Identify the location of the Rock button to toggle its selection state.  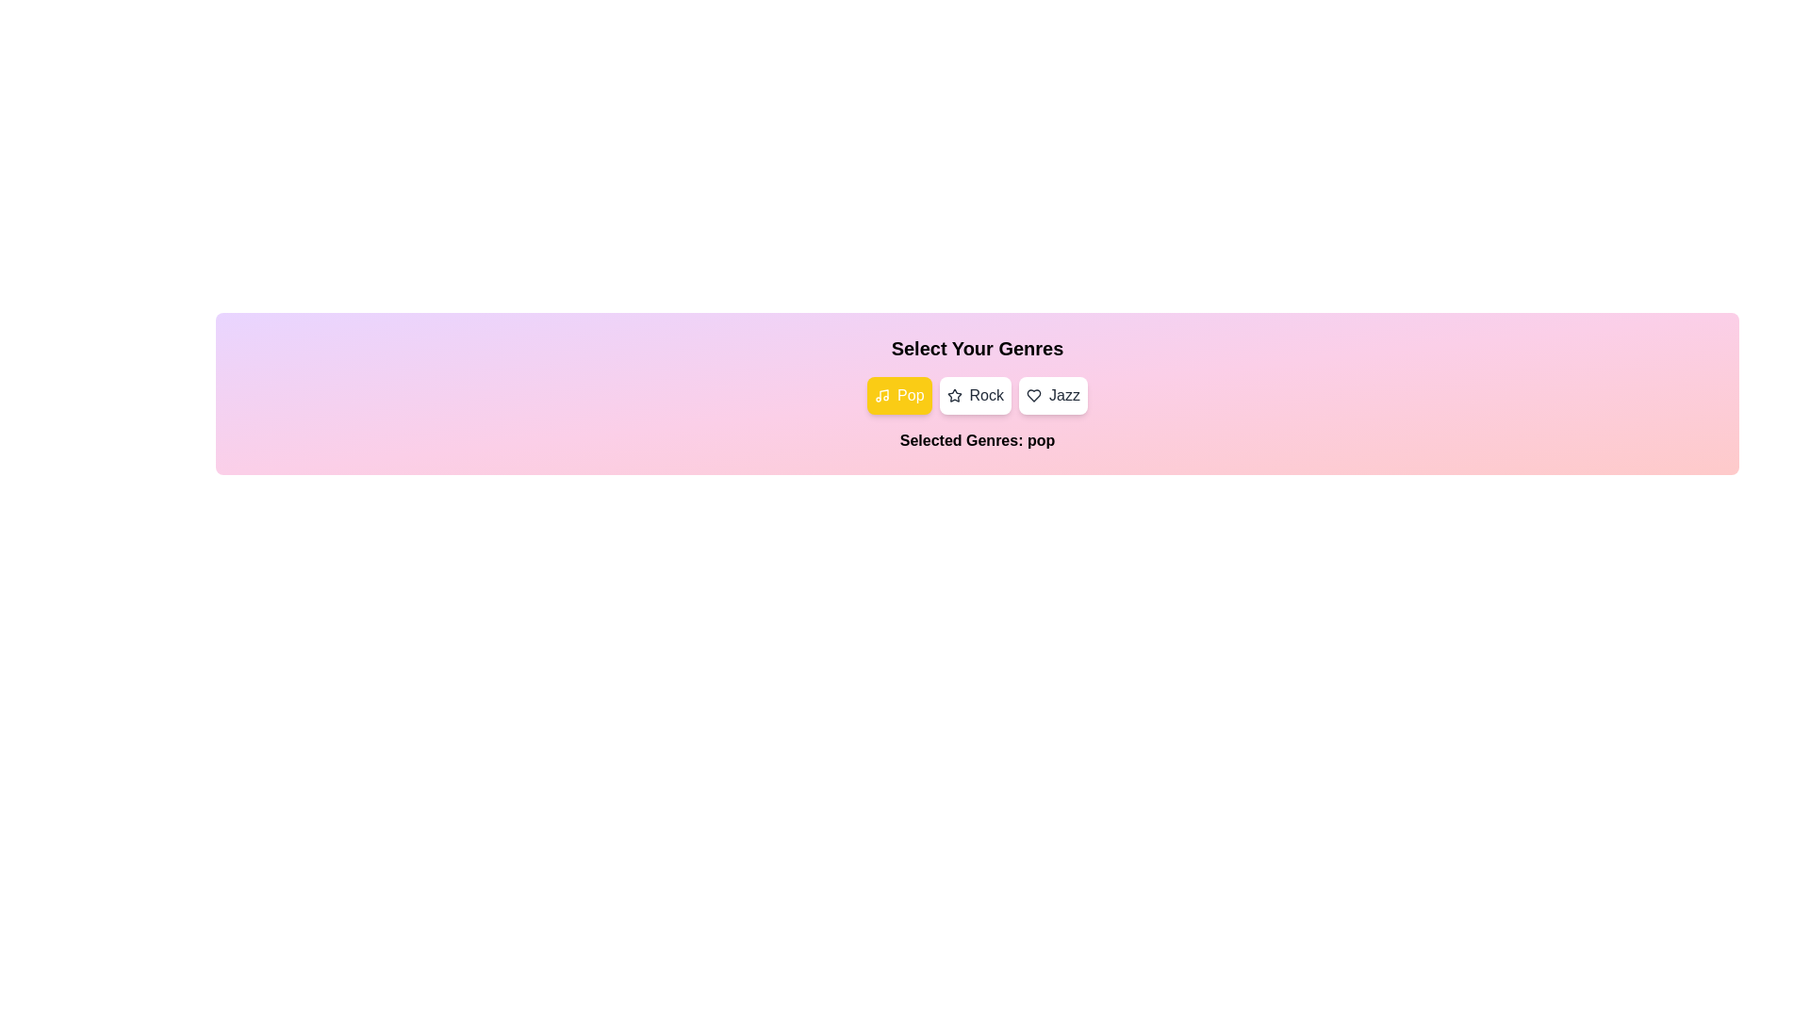
(975, 395).